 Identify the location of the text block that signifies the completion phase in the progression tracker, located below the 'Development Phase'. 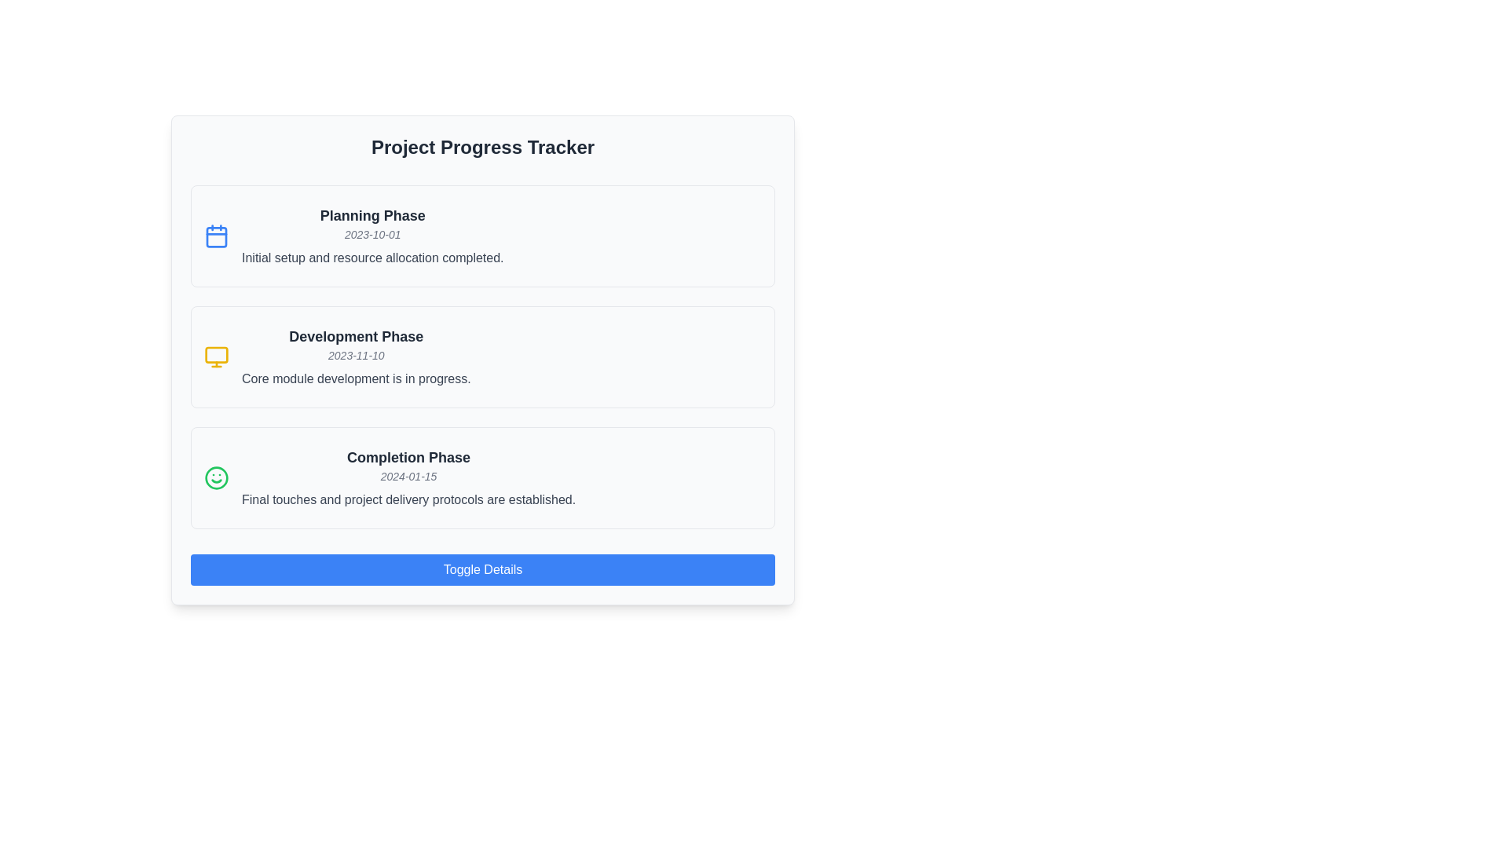
(408, 477).